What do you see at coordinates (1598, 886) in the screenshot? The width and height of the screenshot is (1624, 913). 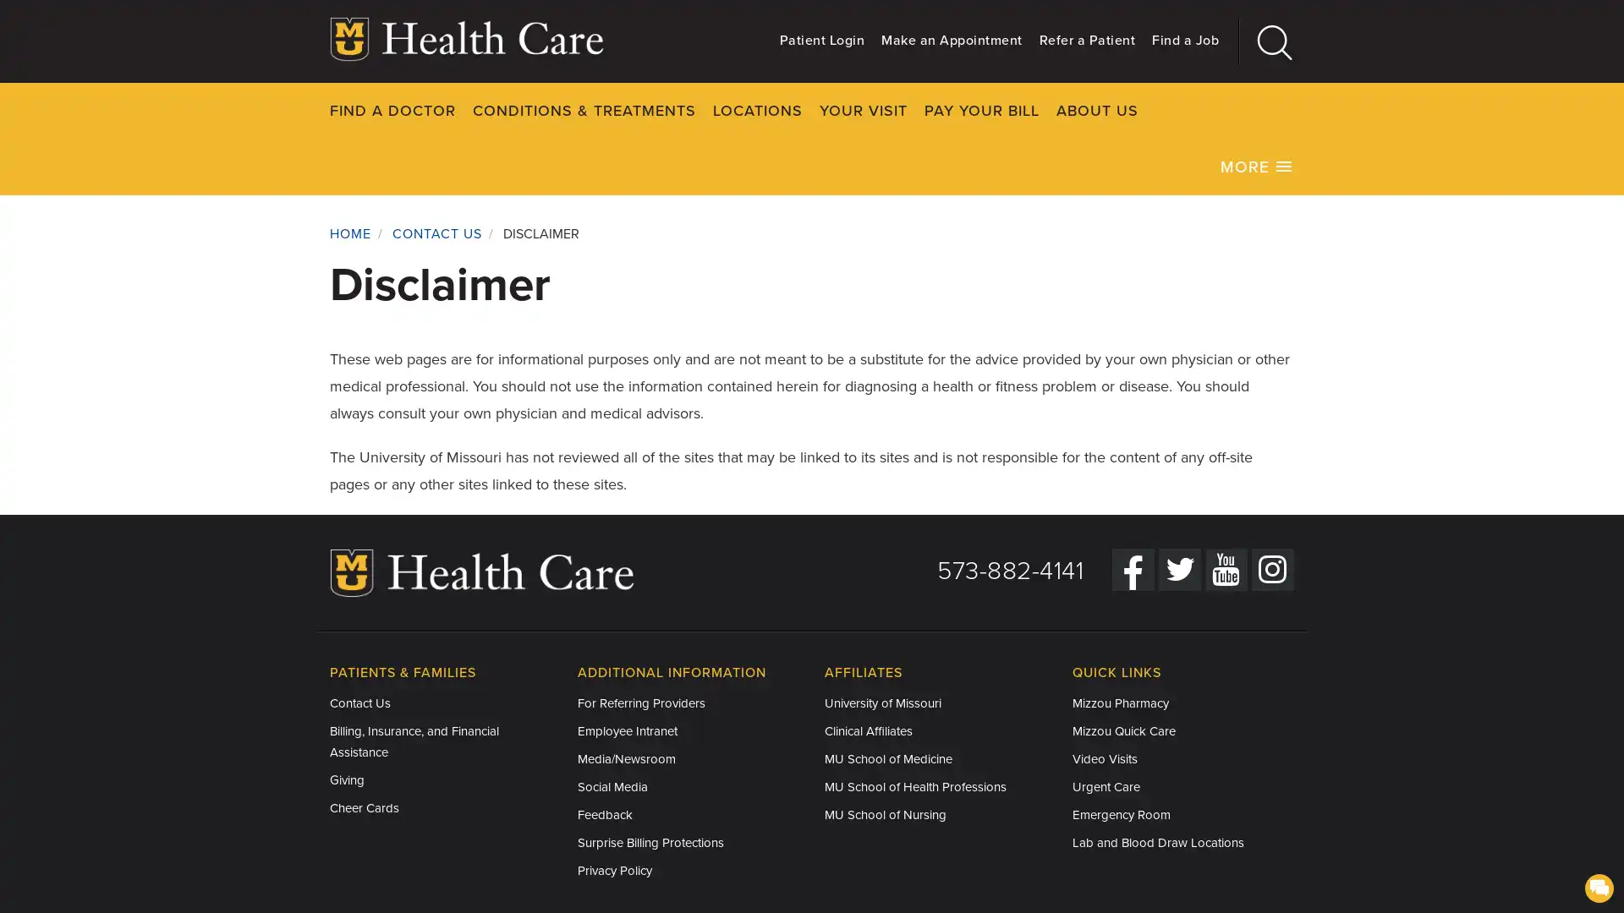 I see `COVID-19 Chat and Assessment Tool` at bounding box center [1598, 886].